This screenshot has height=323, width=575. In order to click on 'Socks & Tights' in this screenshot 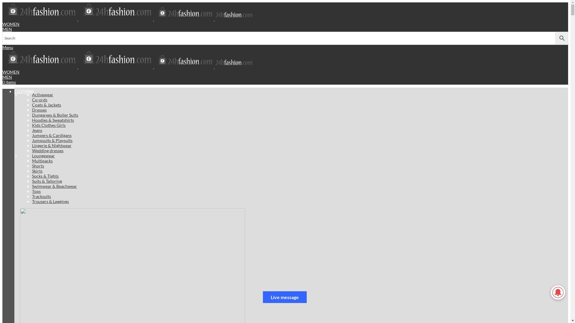, I will do `click(45, 176)`.